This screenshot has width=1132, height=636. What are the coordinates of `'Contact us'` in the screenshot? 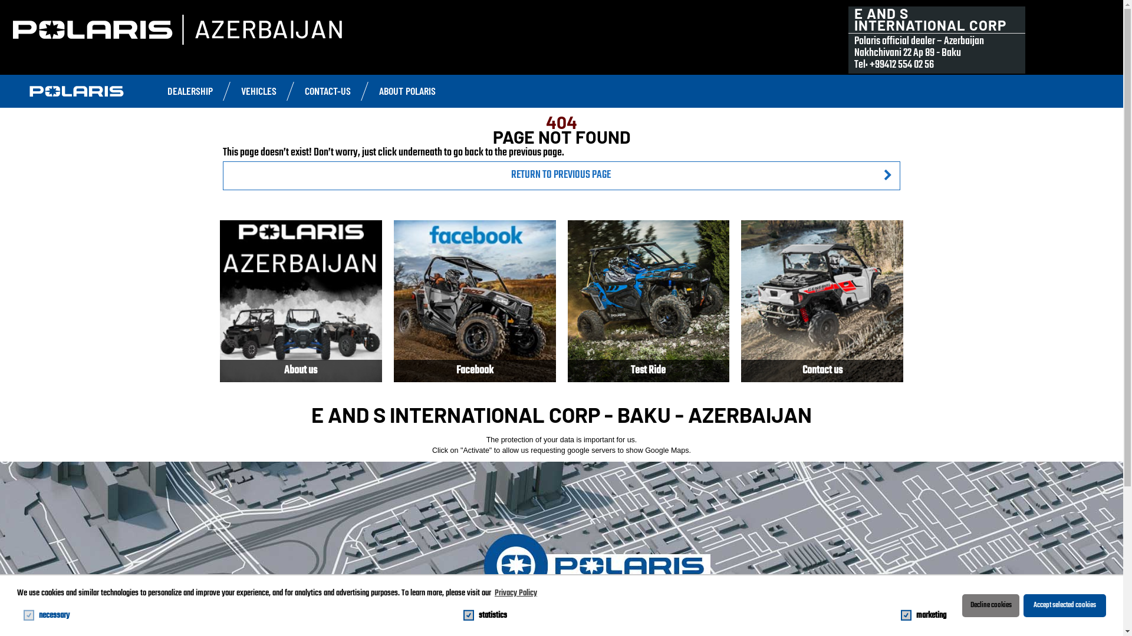 It's located at (821, 300).